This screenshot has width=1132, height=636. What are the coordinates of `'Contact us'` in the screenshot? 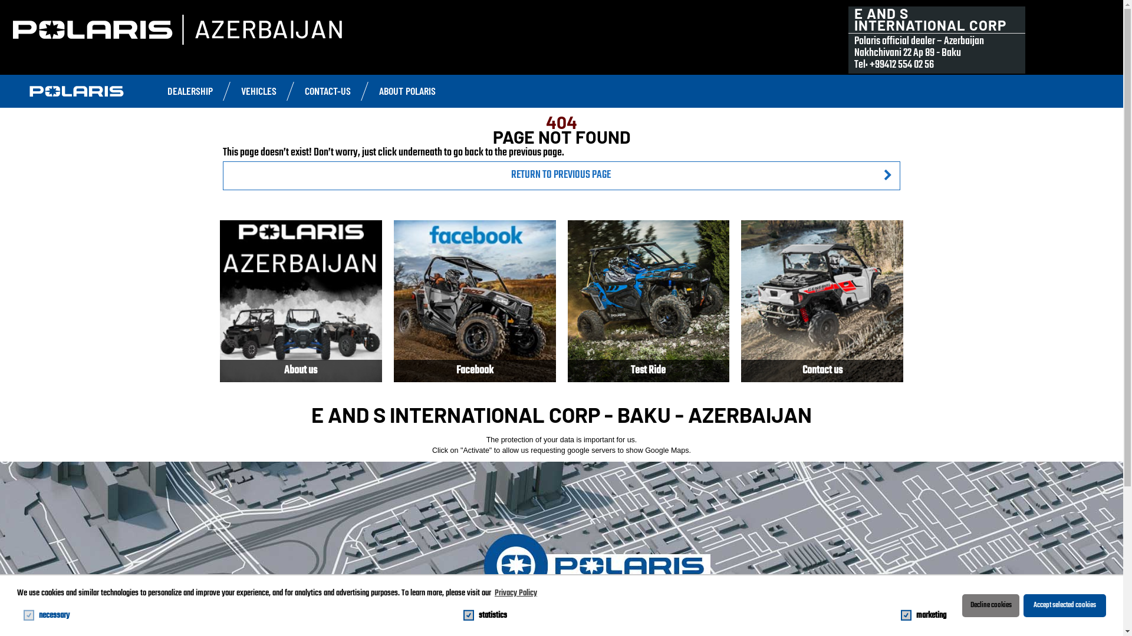 It's located at (821, 300).